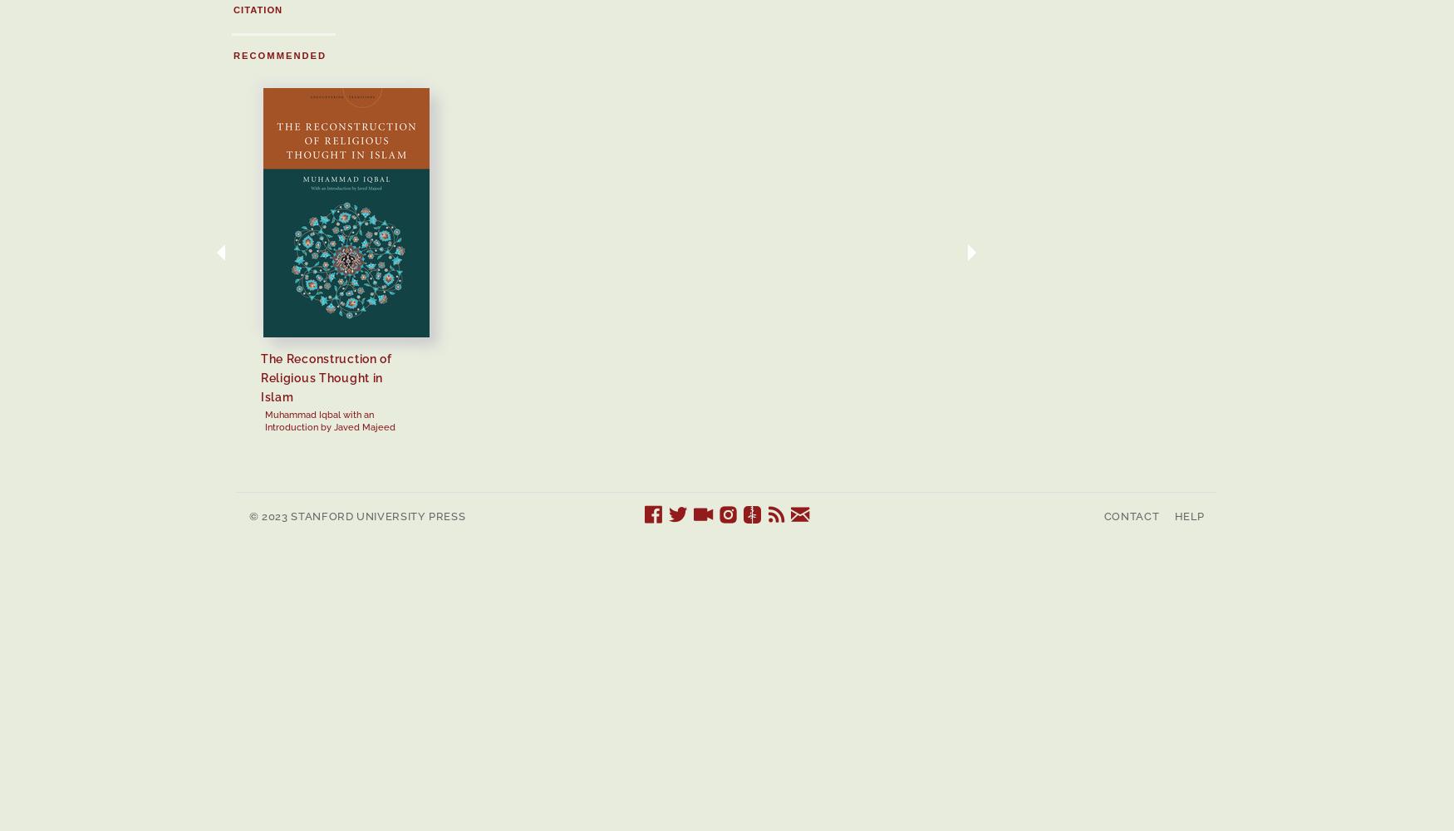  I want to click on 'Muhammad Iqbal with an Introduction by Javed Majeed', so click(328, 420).